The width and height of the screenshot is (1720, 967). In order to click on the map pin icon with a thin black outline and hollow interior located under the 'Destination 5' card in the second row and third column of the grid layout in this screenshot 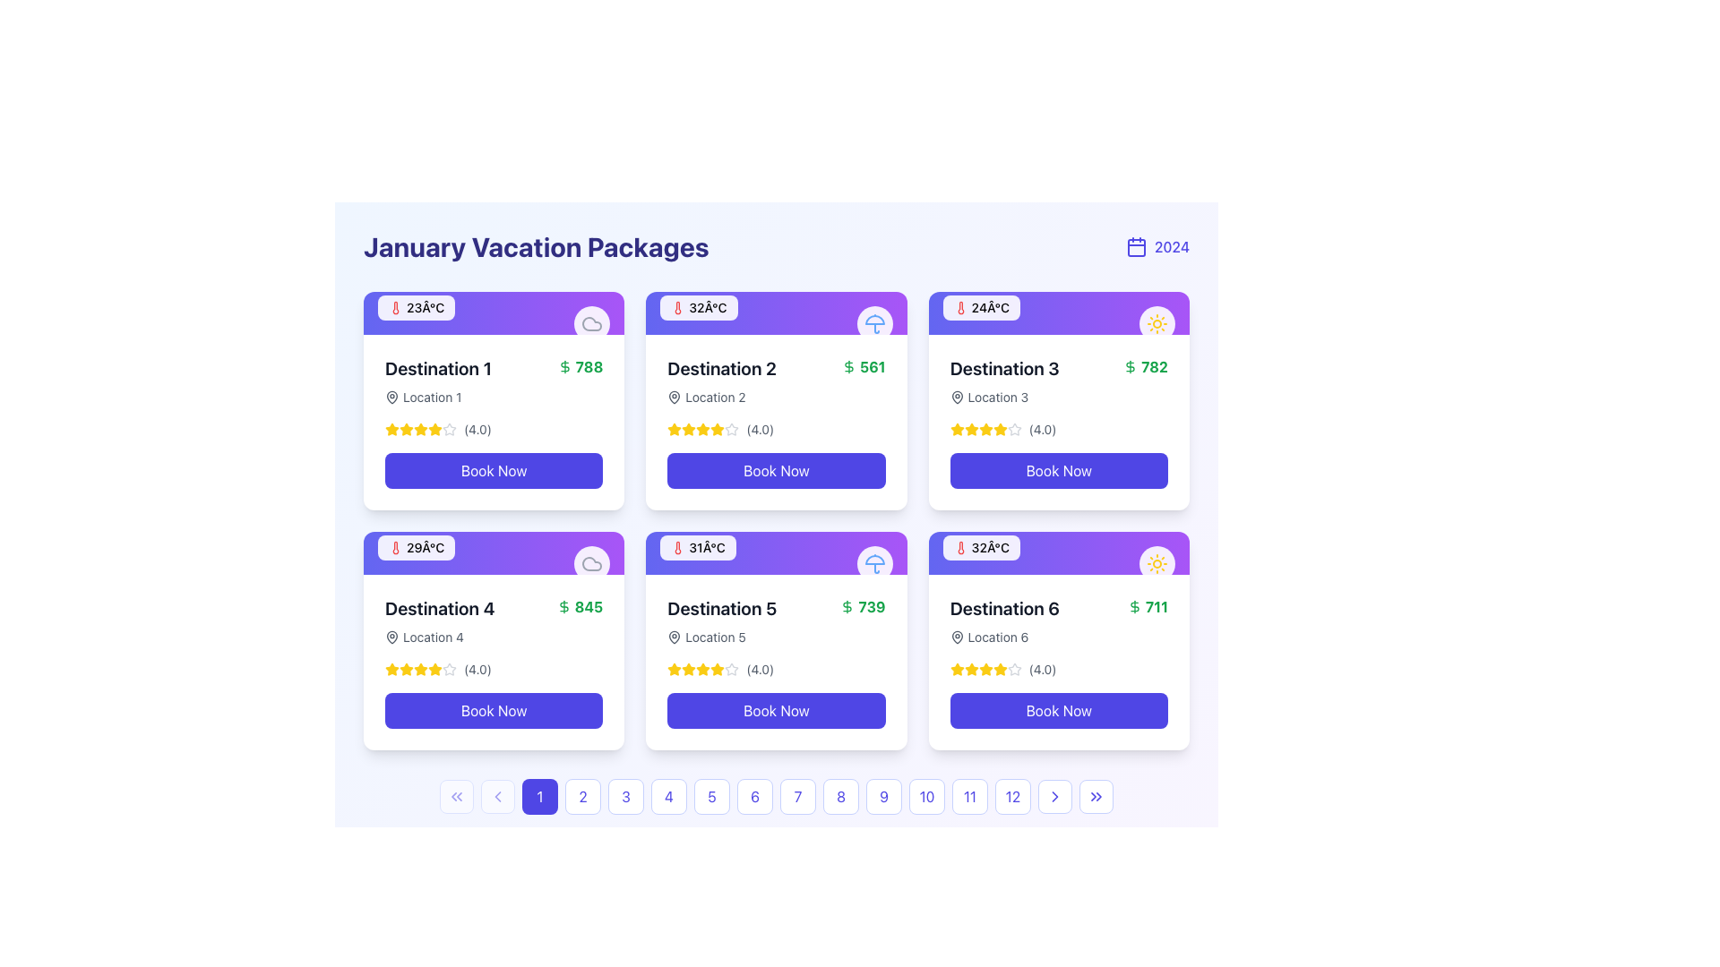, I will do `click(674, 637)`.